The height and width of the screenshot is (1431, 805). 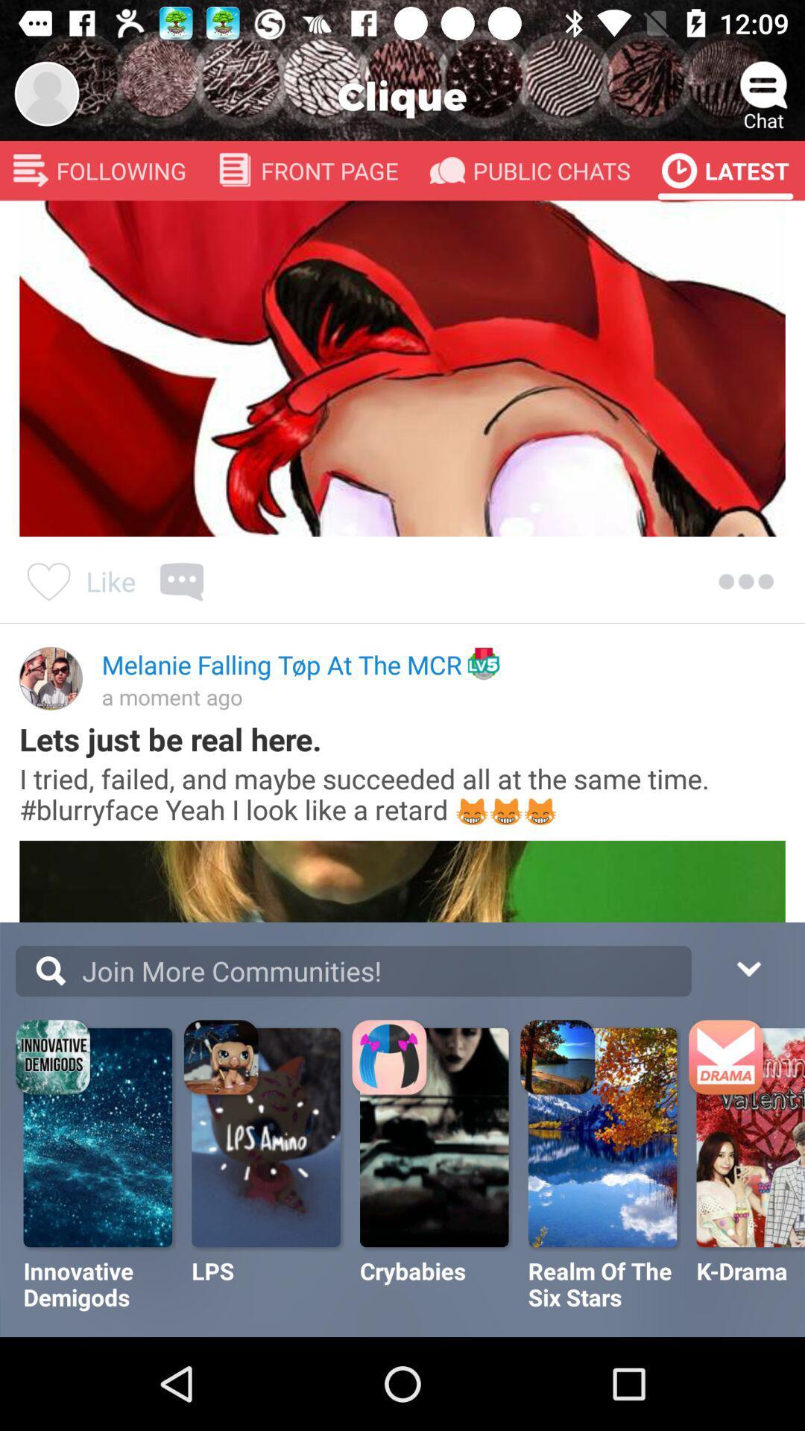 What do you see at coordinates (353, 971) in the screenshot?
I see `the text join more communities along with the search button` at bounding box center [353, 971].